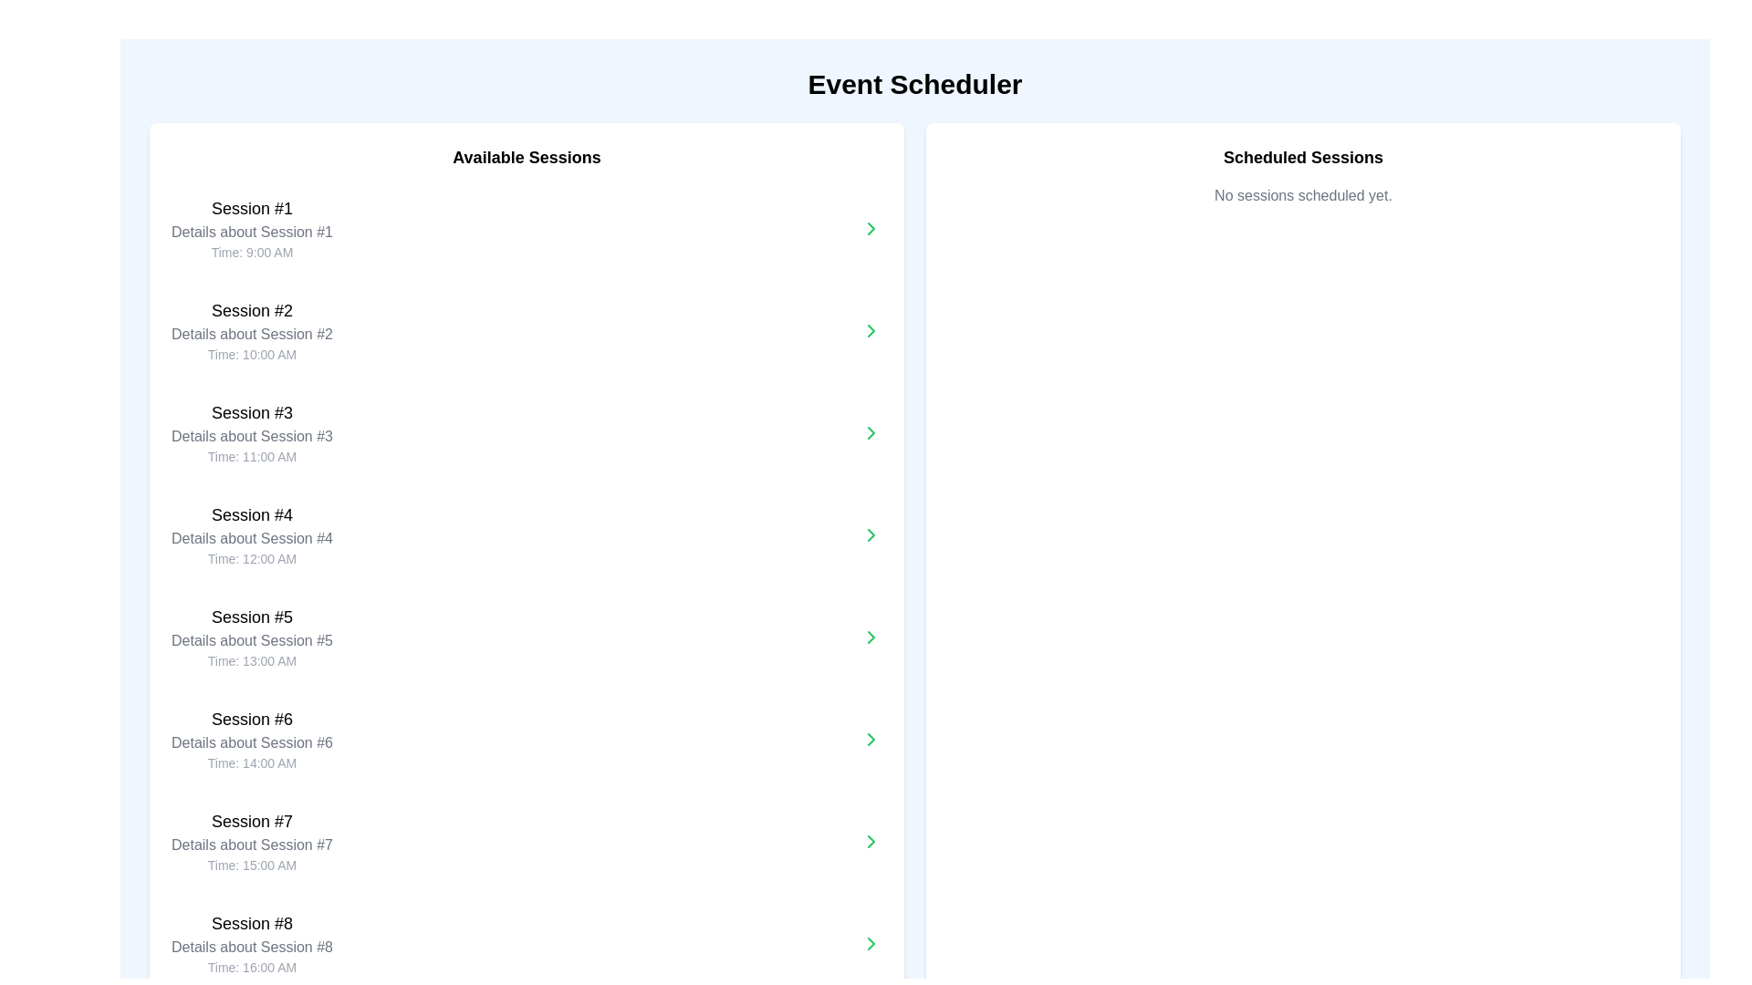 Image resolution: width=1752 pixels, height=985 pixels. I want to click on prominent header text 'Event Scheduler' located at the top-center of the interface, so click(915, 84).